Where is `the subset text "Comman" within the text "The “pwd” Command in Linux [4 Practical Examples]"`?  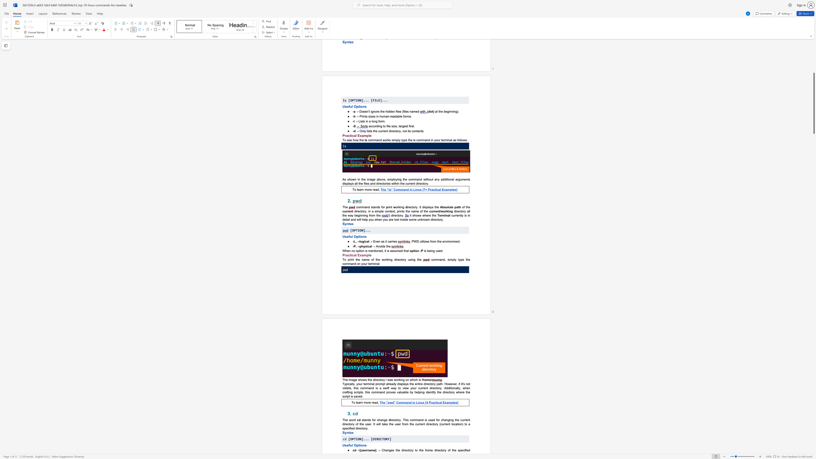 the subset text "Comman" within the text "The “pwd” Command in Linux [4 Practical Examples]" is located at coordinates (396, 402).